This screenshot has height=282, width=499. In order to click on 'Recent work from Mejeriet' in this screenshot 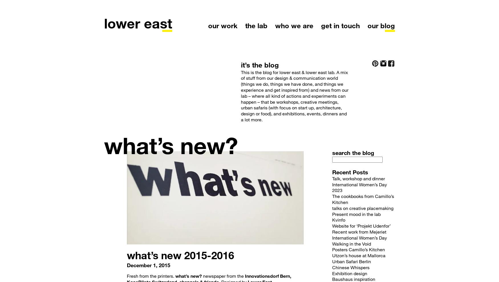, I will do `click(359, 231)`.